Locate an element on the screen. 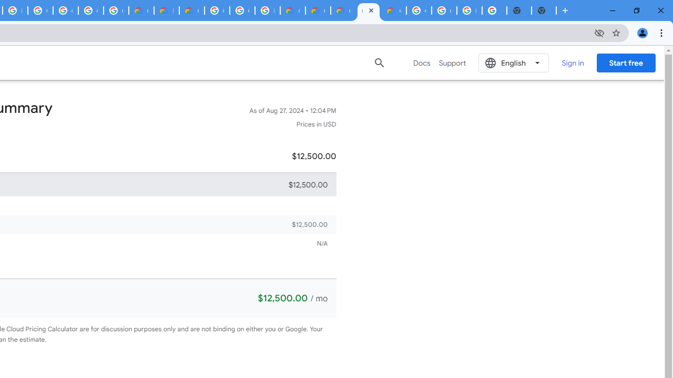  'Google Cloud Platform' is located at coordinates (241, 10).